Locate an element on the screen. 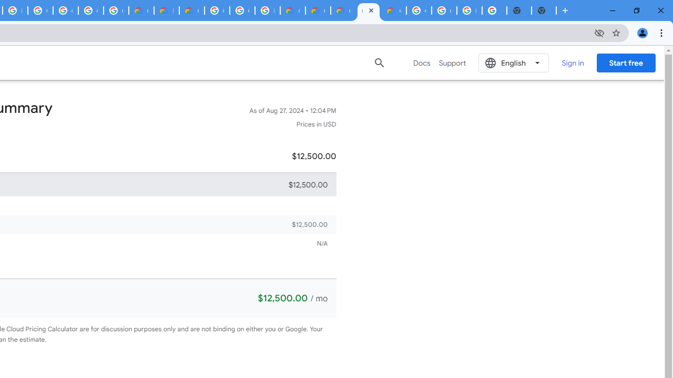  'Google Cloud Platform' is located at coordinates (241, 10).